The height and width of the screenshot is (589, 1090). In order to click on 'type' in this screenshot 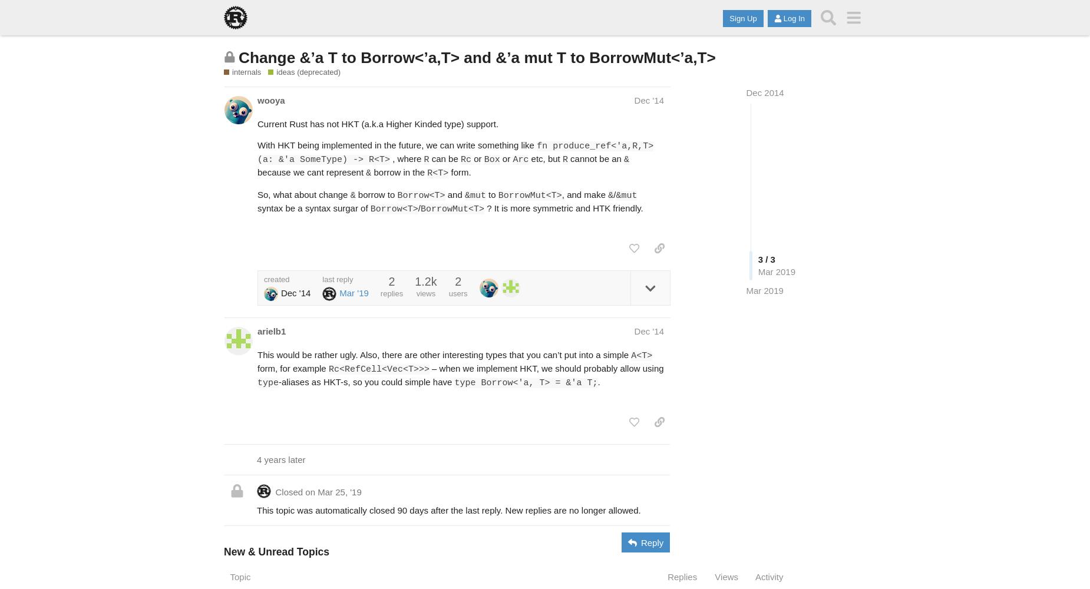, I will do `click(267, 383)`.